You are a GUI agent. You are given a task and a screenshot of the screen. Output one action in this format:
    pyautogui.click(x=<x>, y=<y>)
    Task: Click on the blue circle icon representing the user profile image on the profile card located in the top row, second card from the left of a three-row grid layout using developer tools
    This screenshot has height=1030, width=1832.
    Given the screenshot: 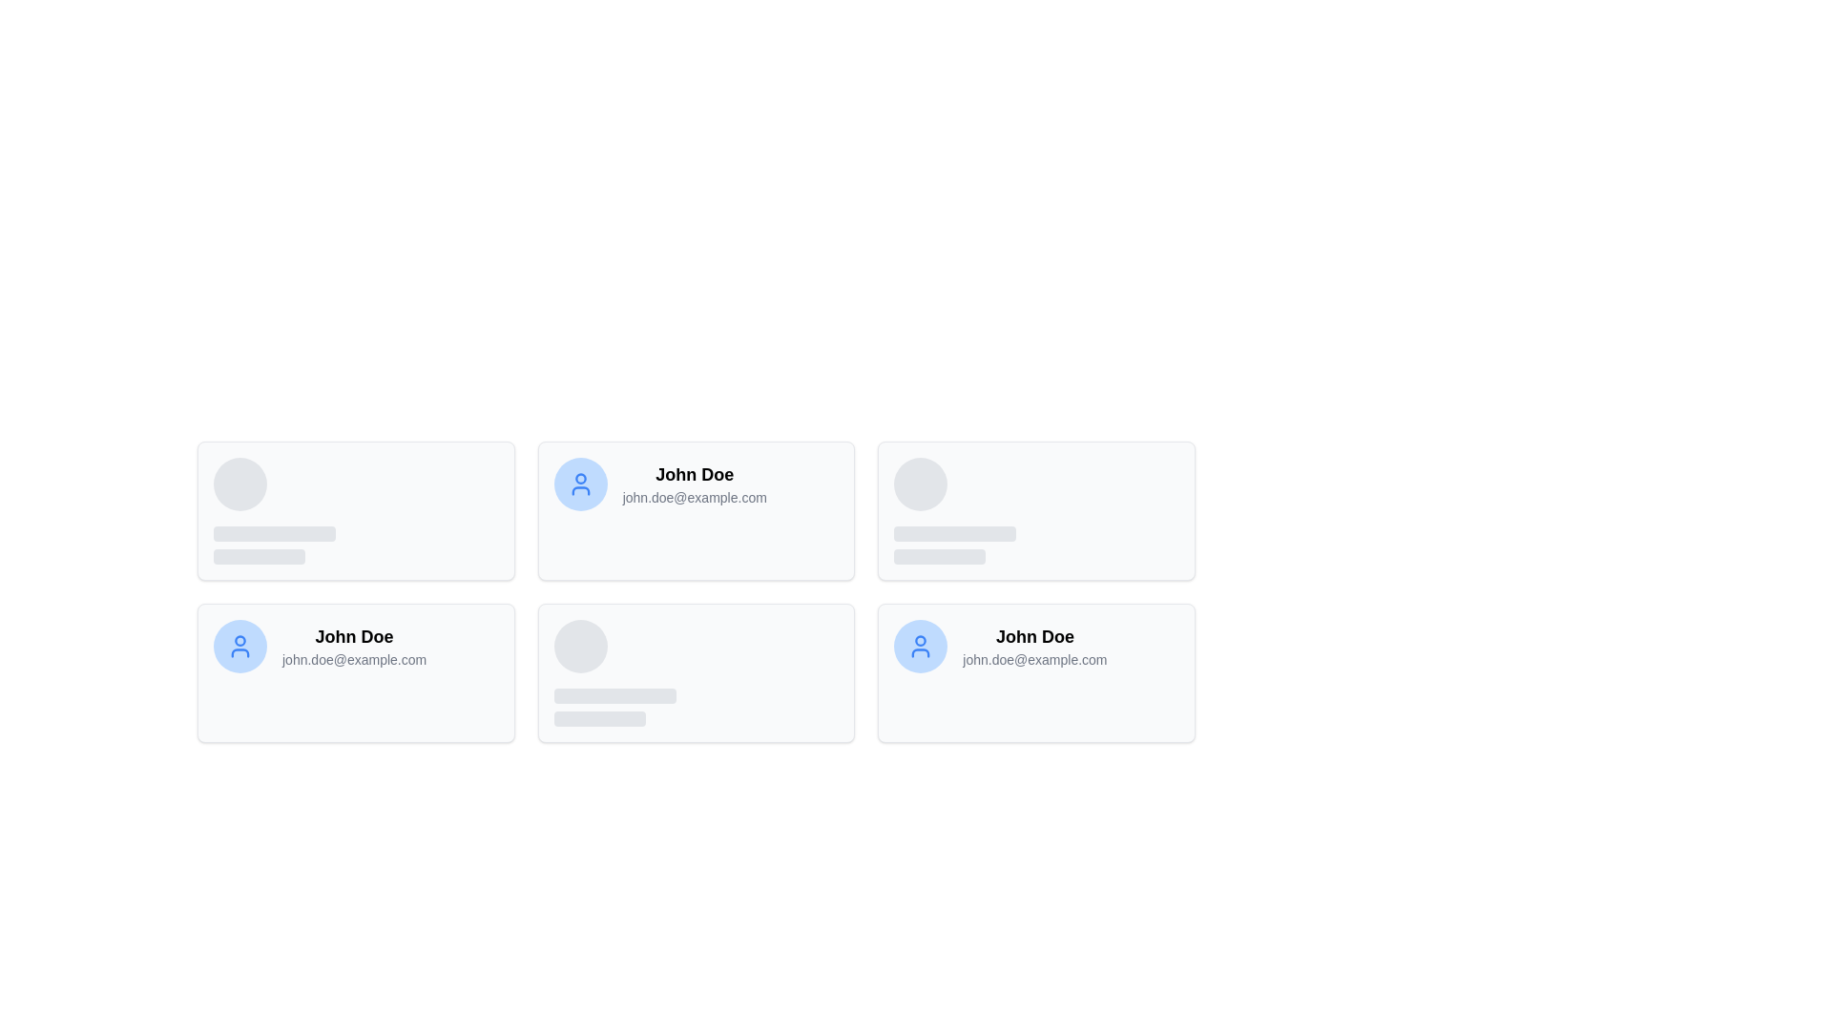 What is the action you would take?
    pyautogui.click(x=579, y=478)
    